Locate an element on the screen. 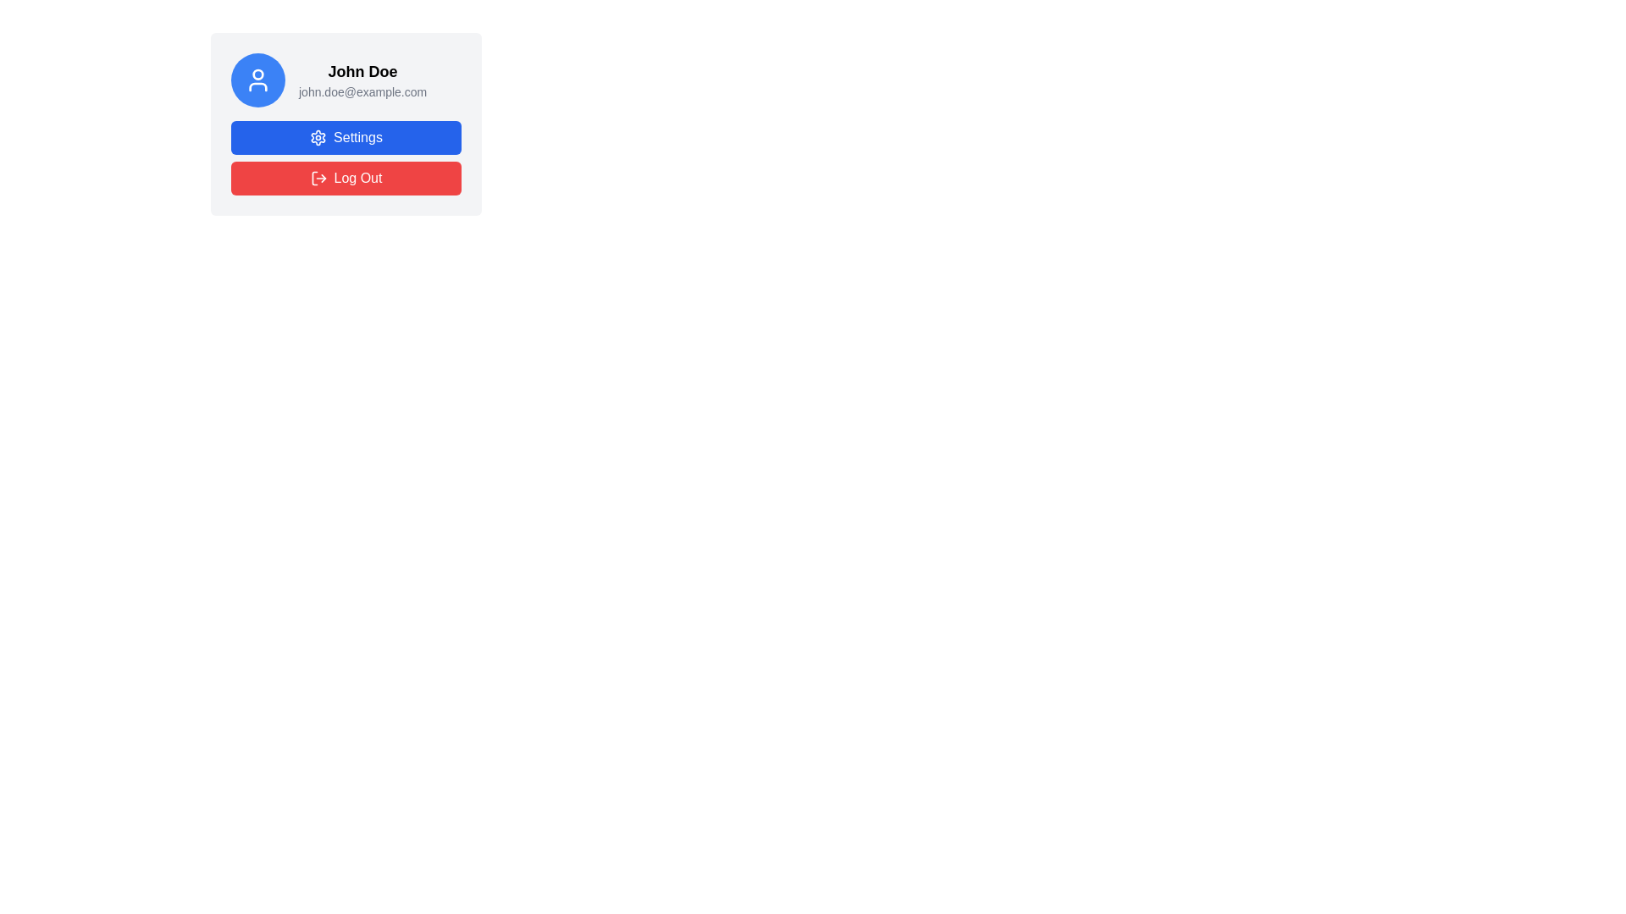 Image resolution: width=1626 pixels, height=914 pixels. the red button labeled 'Log Out' which contains the text label in white, positioned below the 'Settings' button is located at coordinates (357, 179).